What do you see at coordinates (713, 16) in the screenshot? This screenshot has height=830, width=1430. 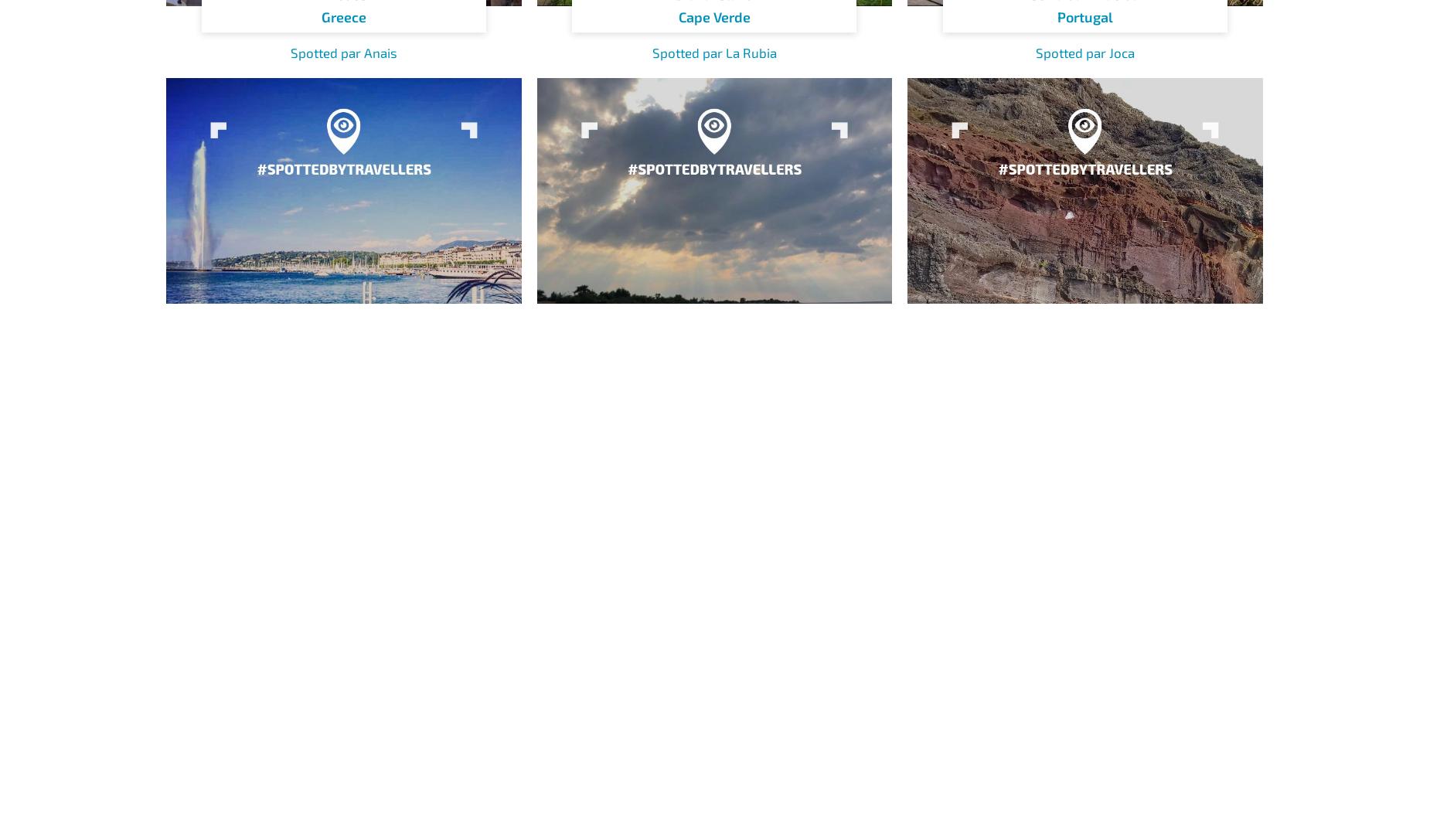 I see `'Cape Verde'` at bounding box center [713, 16].